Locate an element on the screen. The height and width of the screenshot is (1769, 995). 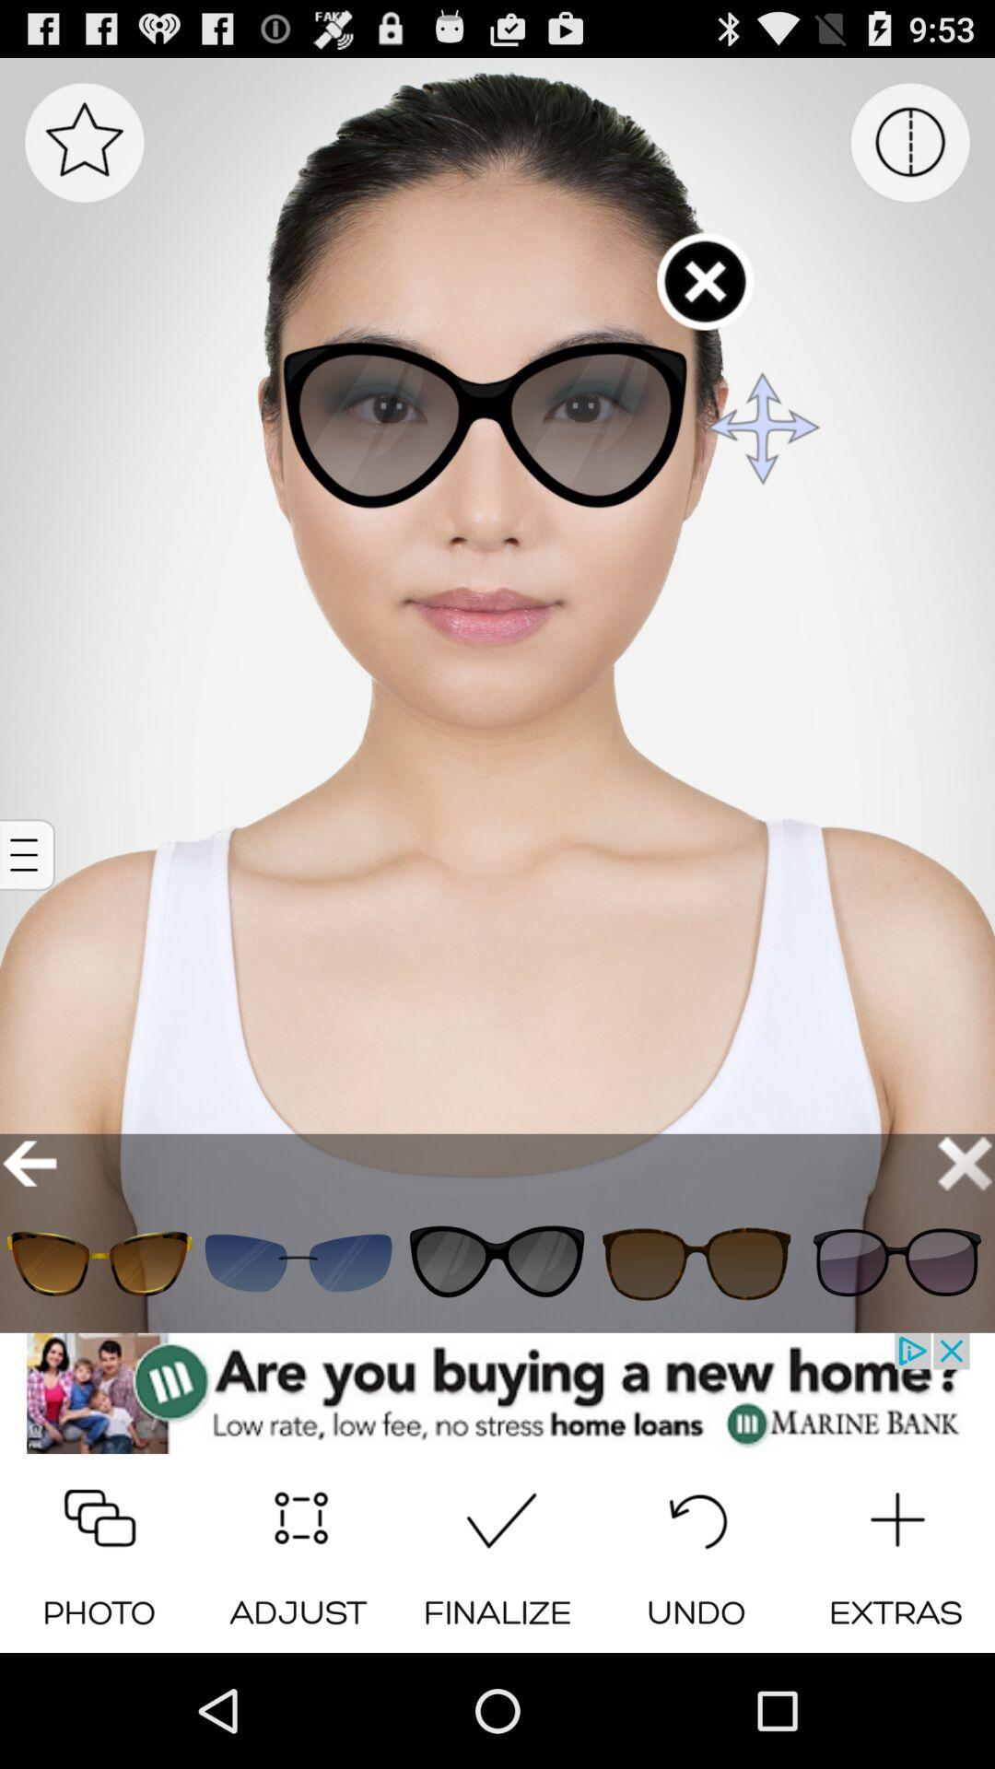
swap glasses is located at coordinates (497, 1262).